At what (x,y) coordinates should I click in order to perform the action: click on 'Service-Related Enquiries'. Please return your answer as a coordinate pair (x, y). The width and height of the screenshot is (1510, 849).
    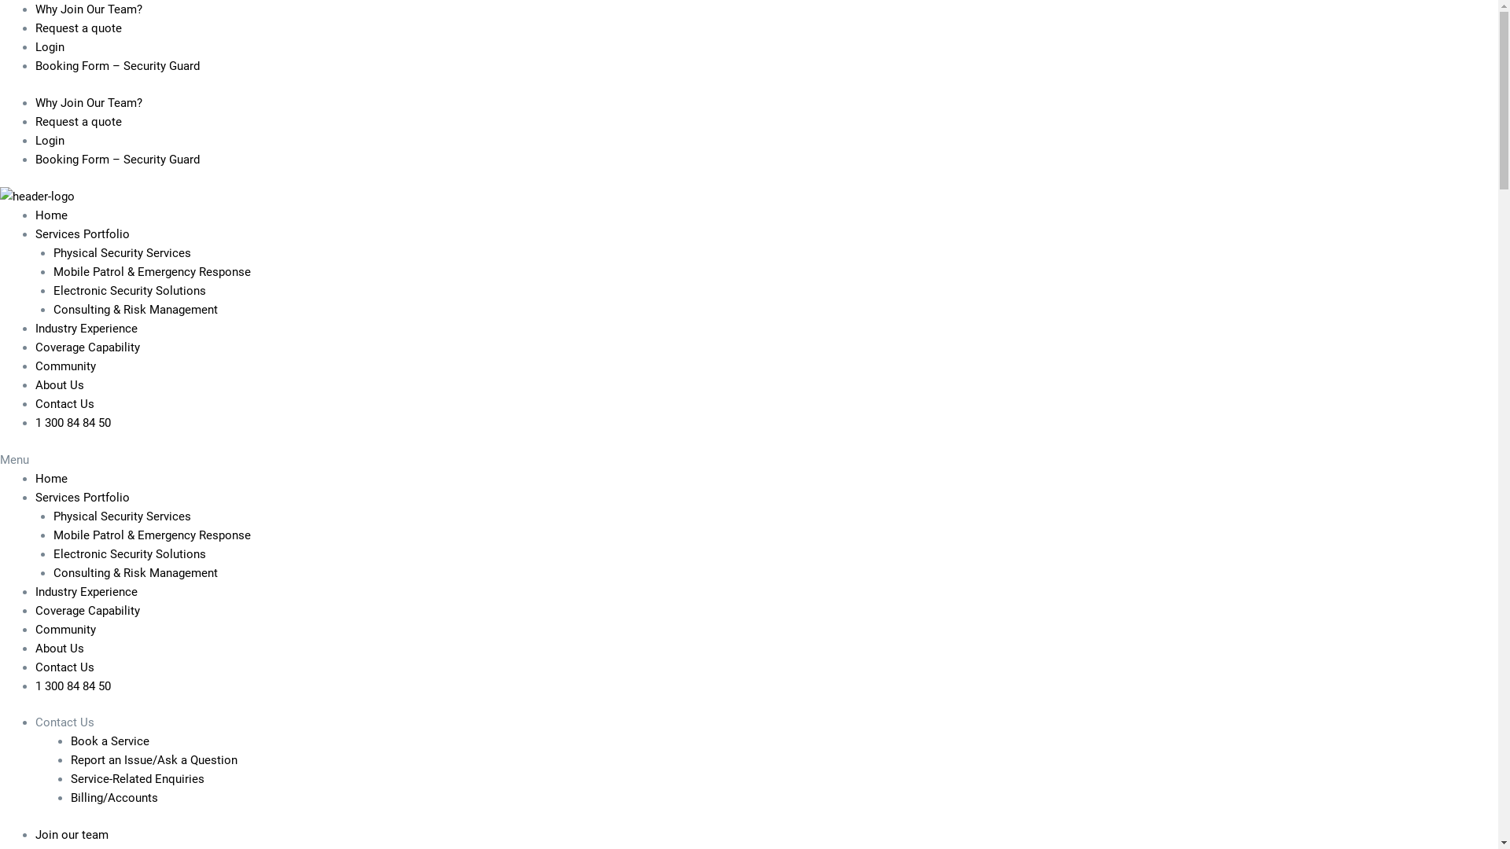
    Looking at the image, I should click on (137, 779).